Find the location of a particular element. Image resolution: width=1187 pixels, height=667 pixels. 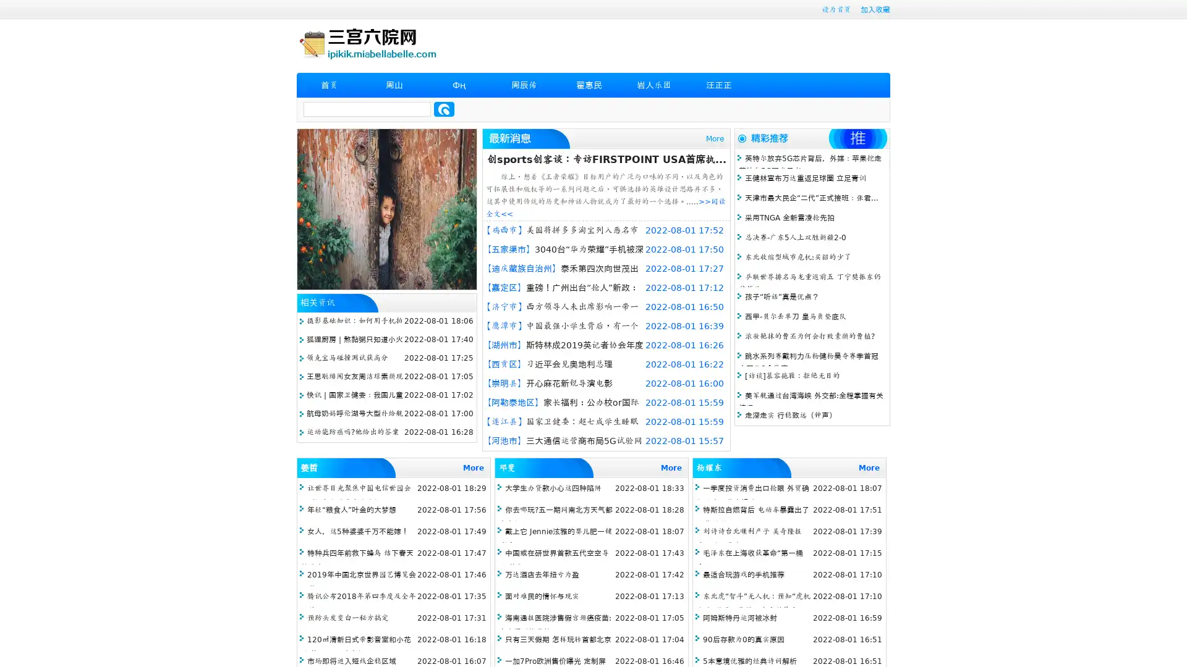

Search is located at coordinates (444, 109).